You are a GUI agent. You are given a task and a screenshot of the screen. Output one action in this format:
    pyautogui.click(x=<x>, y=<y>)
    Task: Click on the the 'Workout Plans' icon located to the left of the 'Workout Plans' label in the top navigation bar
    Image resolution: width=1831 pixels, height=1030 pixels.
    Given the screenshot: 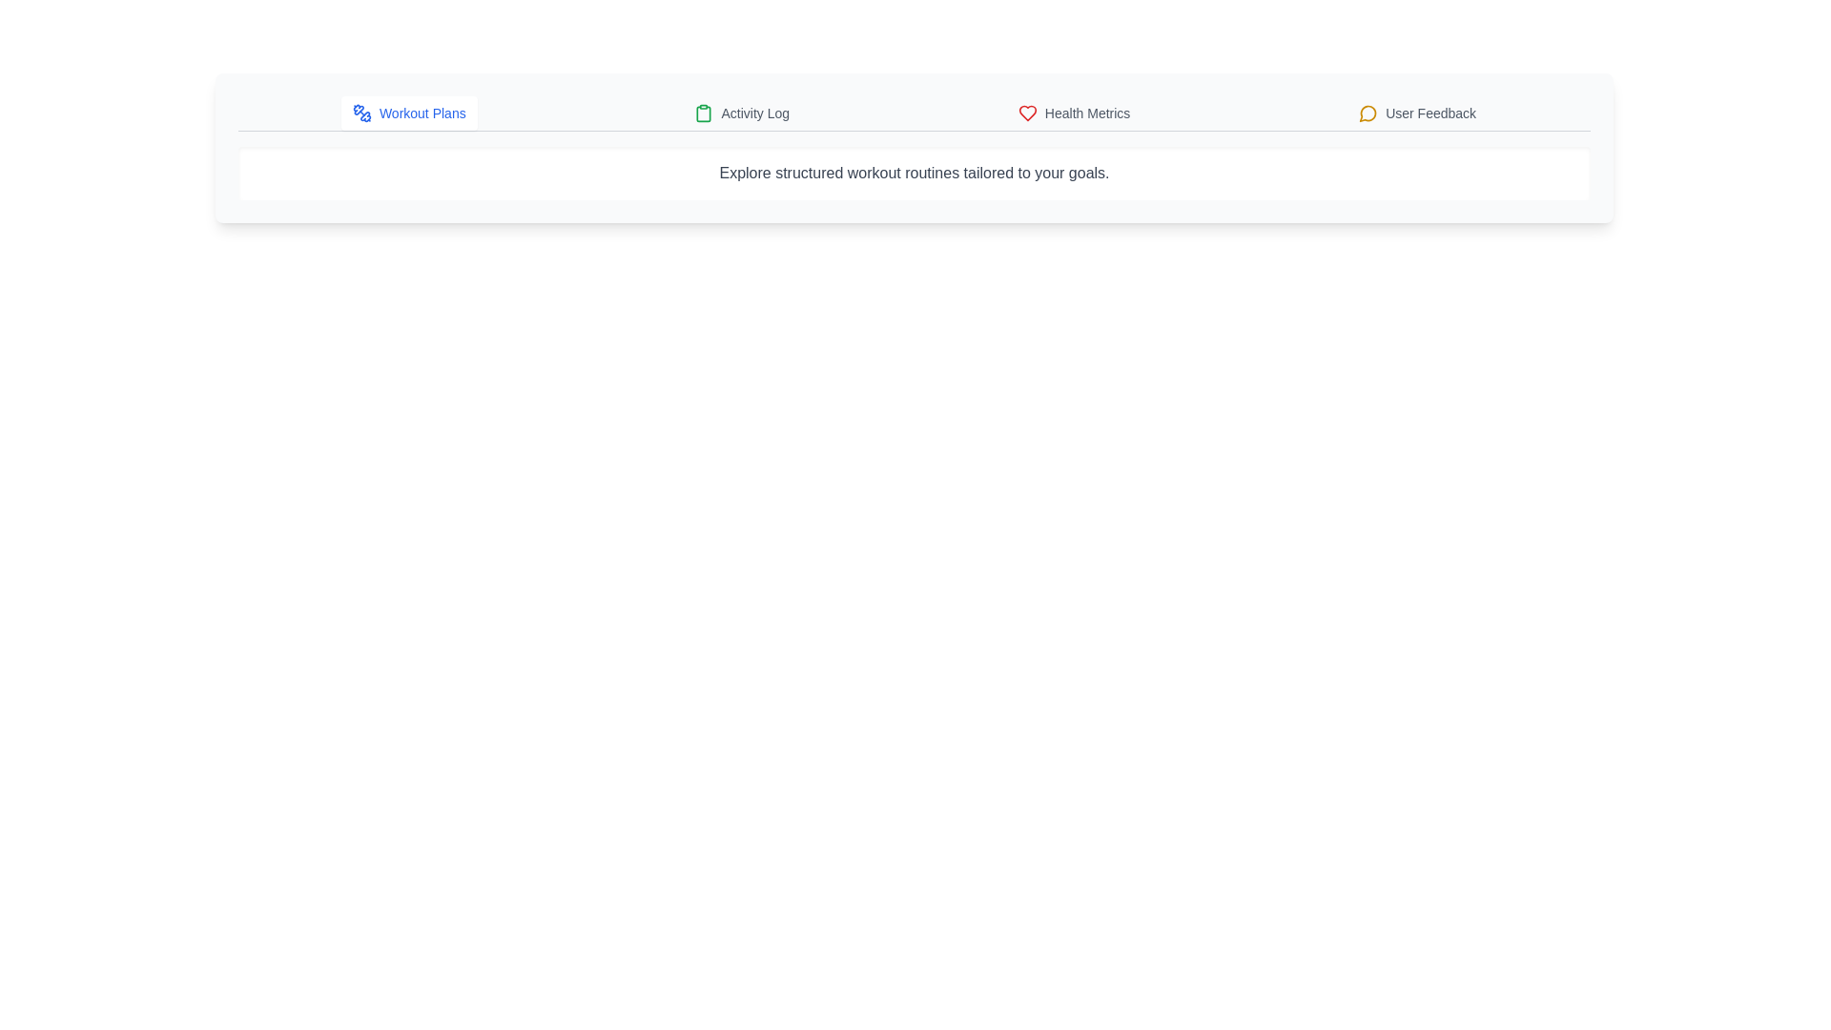 What is the action you would take?
    pyautogui.click(x=365, y=116)
    